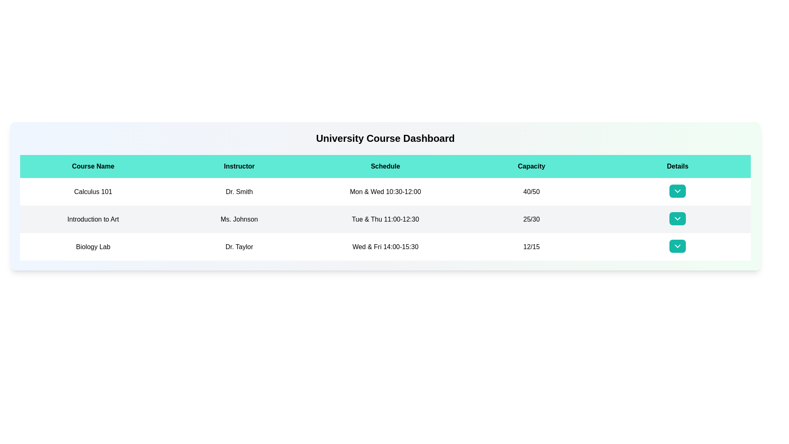 This screenshot has width=789, height=444. What do you see at coordinates (239, 192) in the screenshot?
I see `the text label displaying the instructor's name for the 'Calculus 101' course, located in the second cell of the corresponding row in the table` at bounding box center [239, 192].